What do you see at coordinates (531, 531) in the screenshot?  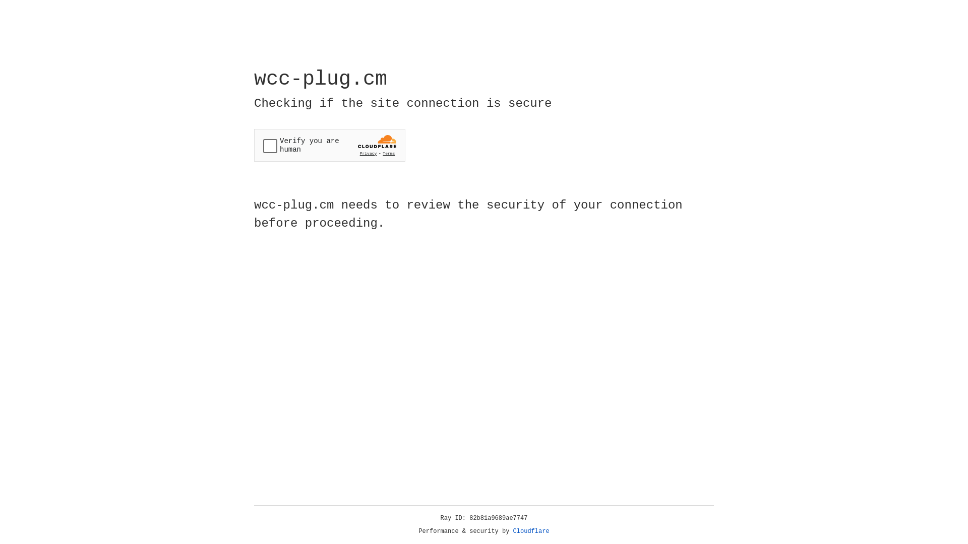 I see `'Cloudflare'` at bounding box center [531, 531].